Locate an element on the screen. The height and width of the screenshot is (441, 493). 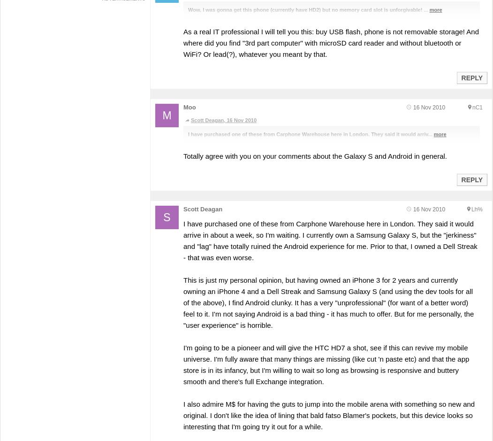
'Scott Deagan' is located at coordinates (182, 209).